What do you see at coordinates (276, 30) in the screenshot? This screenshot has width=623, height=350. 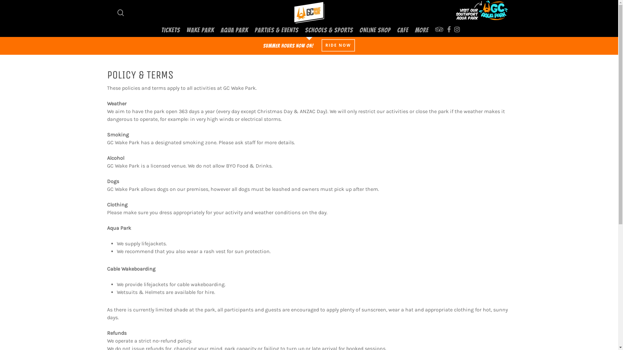 I see `'PARTIES & EVENTS'` at bounding box center [276, 30].